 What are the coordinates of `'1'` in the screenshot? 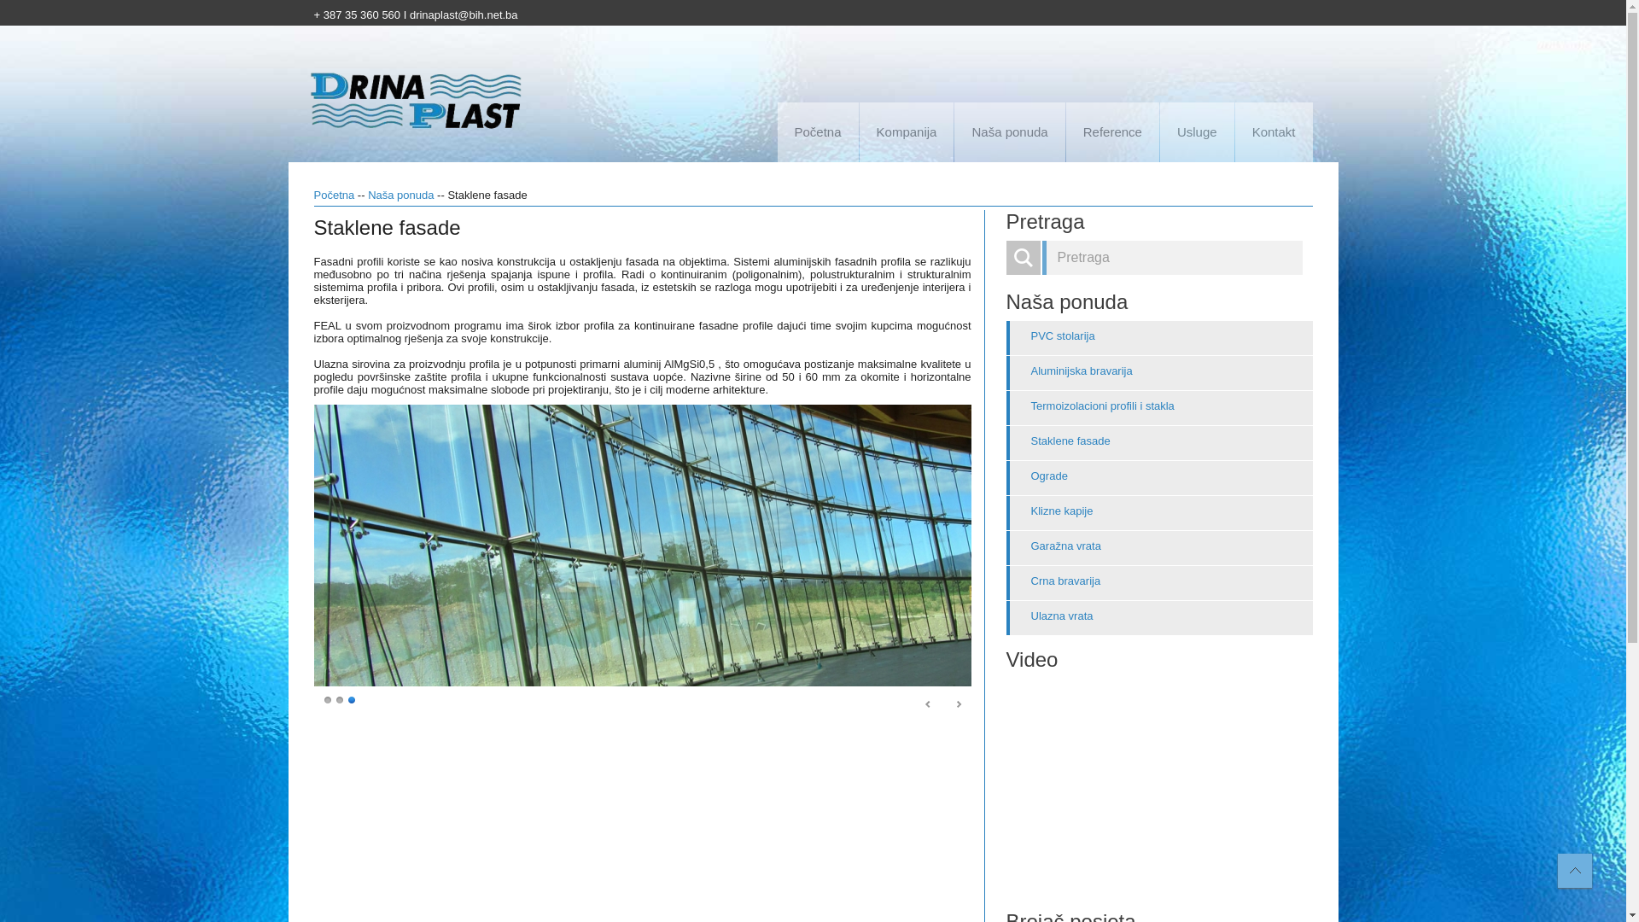 It's located at (328, 698).